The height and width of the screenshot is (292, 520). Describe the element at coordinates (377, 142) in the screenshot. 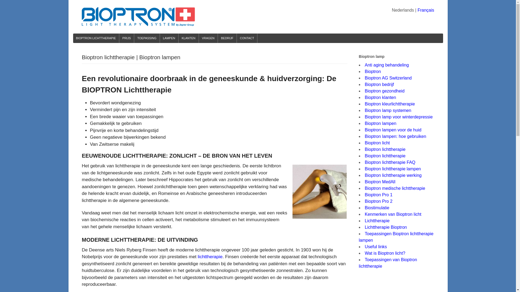

I see `'Bioptron licht'` at that location.